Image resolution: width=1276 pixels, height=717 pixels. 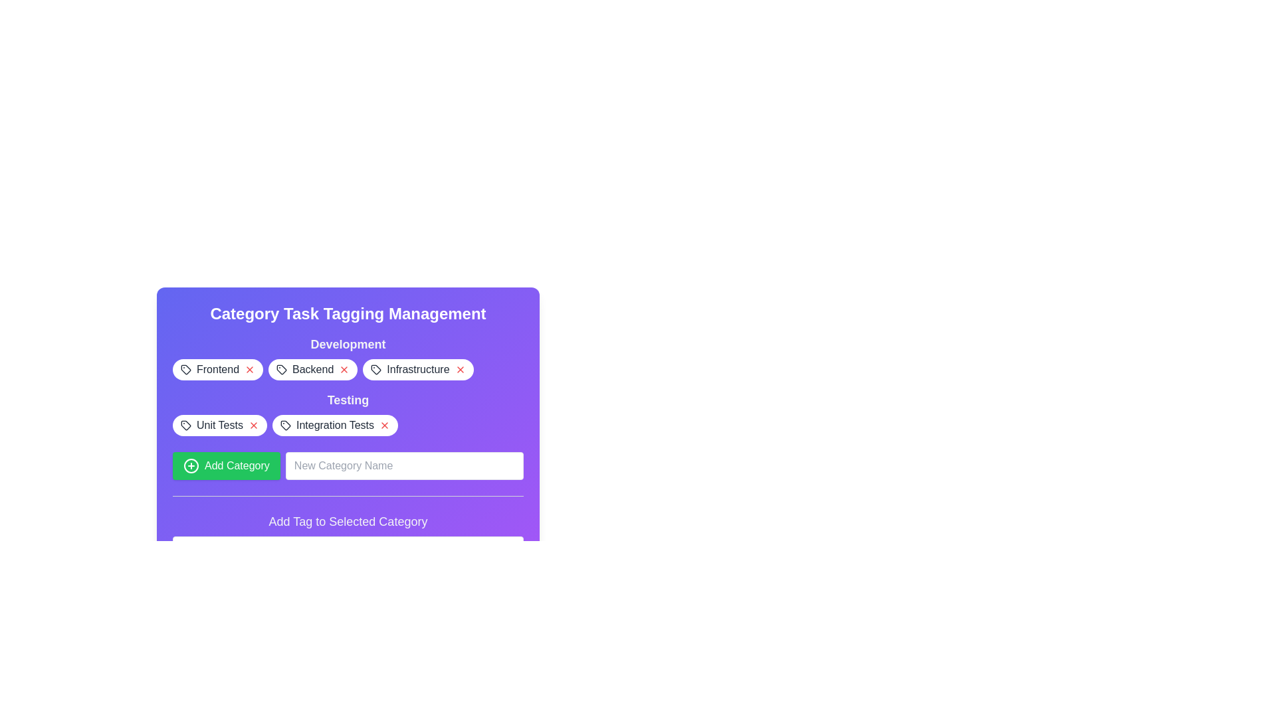 I want to click on the text label displaying 'Development' with a bold font style, white text color, against a purple background, located in the top section of the UI, so click(x=348, y=344).